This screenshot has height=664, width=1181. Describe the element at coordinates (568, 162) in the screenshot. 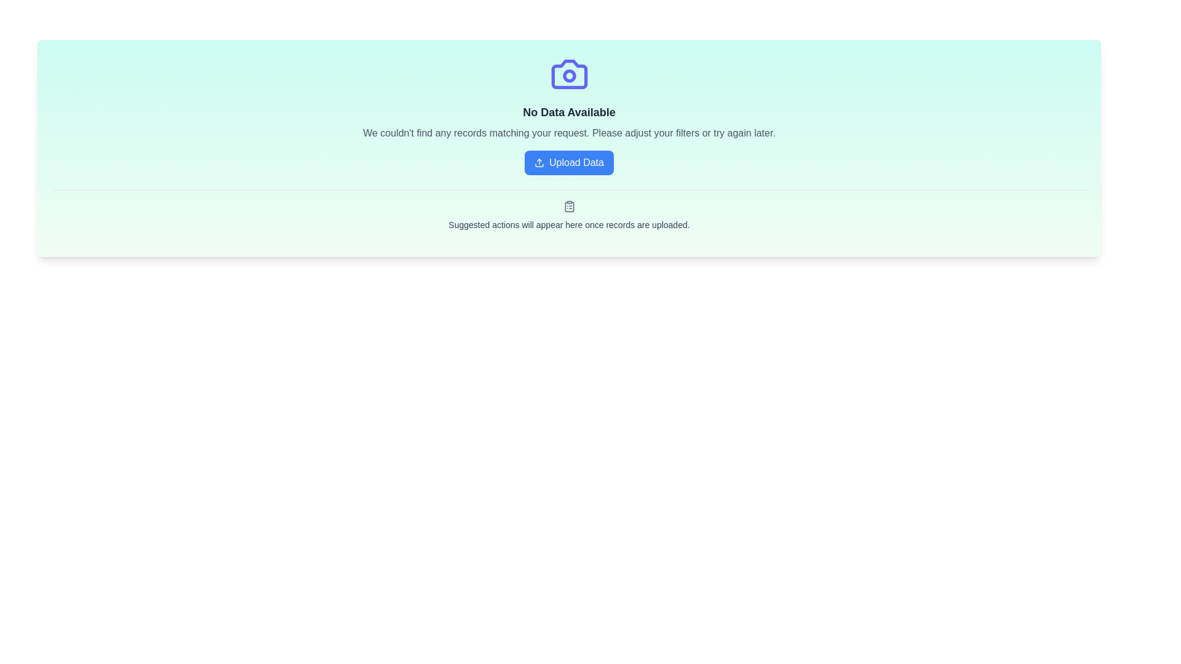

I see `the 'Upload Data' button, which is a rectangular button with a bright blue background and white text, located below the message about records and above the suggested actions text` at that location.